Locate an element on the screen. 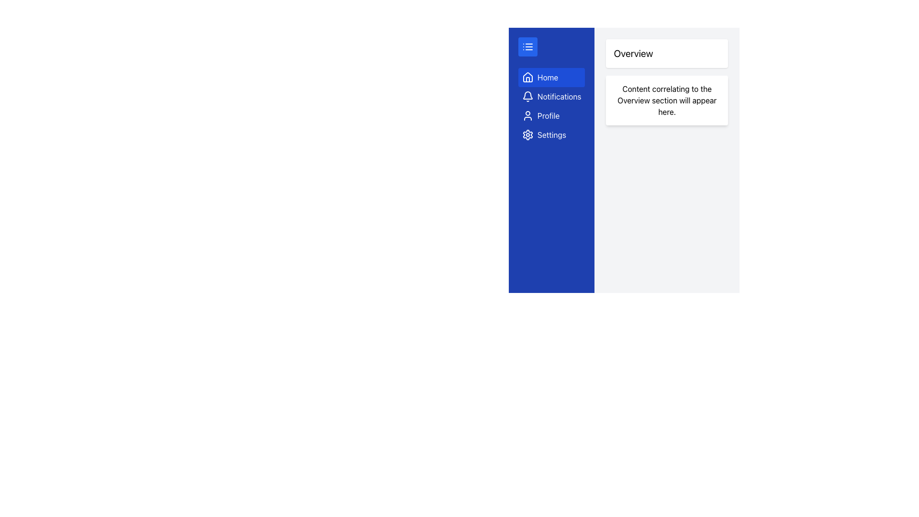  the 'Profile' button, which is a deep blue rectangular button with a white user figure icon and the label 'Profile' next to it, located below the 'Notifications' button and above the 'Settings' button is located at coordinates (551, 115).